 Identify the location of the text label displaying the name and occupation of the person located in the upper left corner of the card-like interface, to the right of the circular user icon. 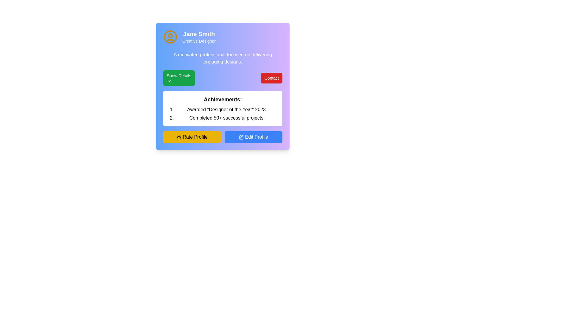
(199, 37).